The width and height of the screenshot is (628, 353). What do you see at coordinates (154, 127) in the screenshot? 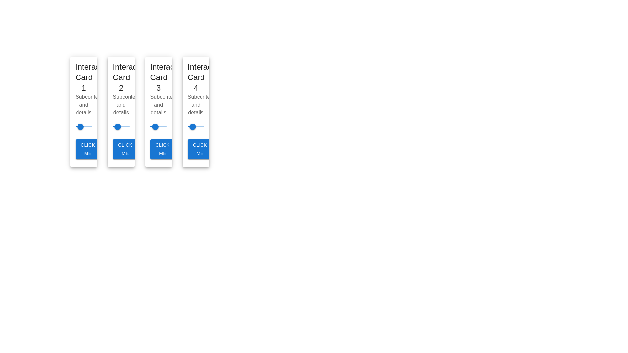
I see `the slider's value` at bounding box center [154, 127].